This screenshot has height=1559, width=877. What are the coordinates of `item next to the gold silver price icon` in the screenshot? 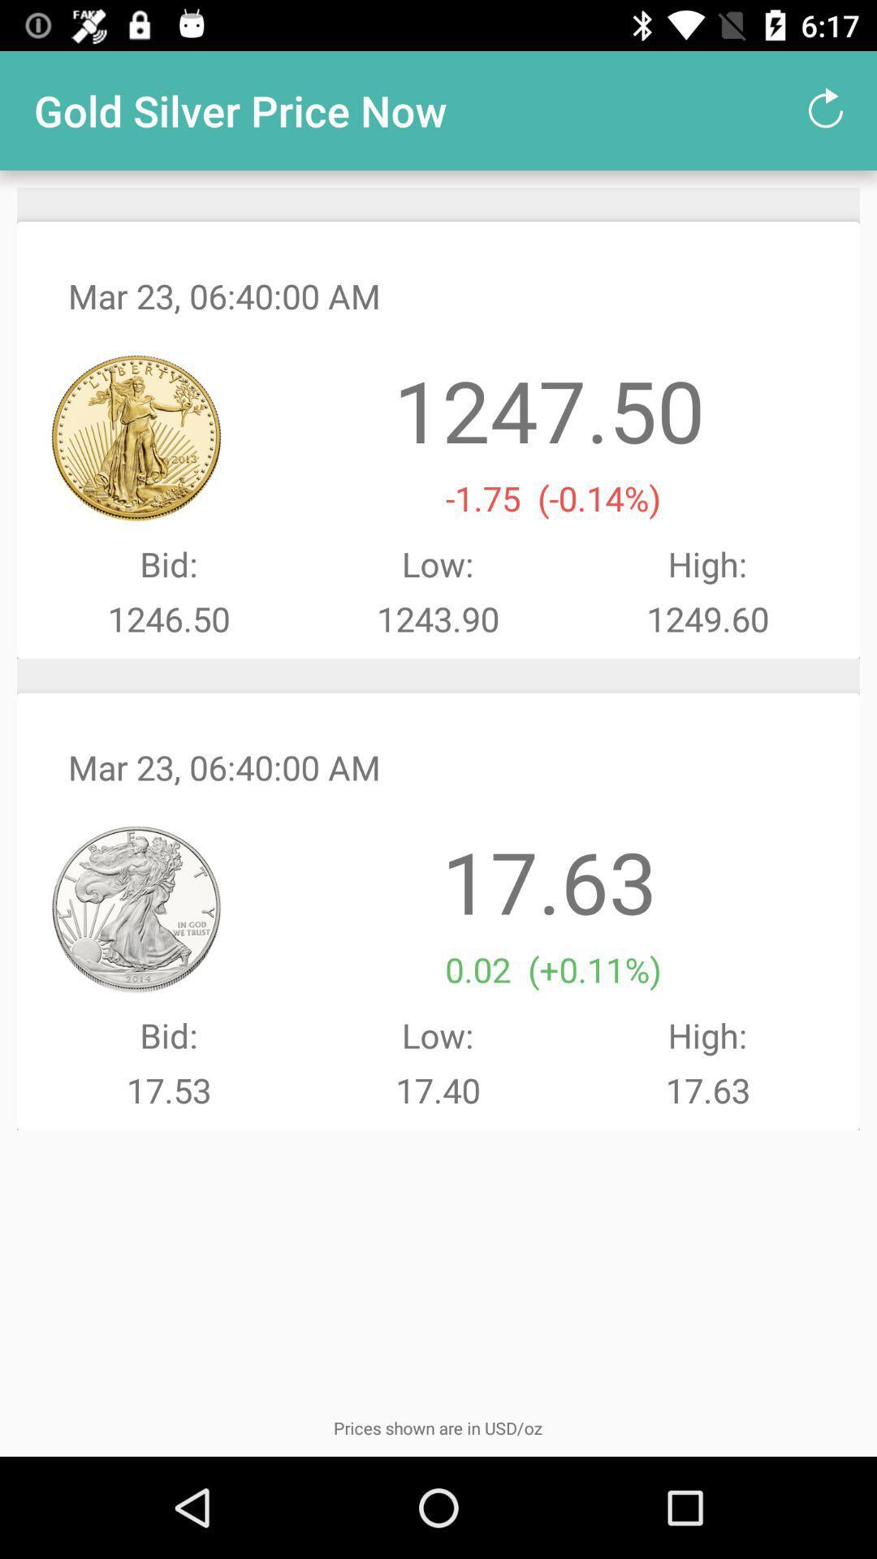 It's located at (826, 110).